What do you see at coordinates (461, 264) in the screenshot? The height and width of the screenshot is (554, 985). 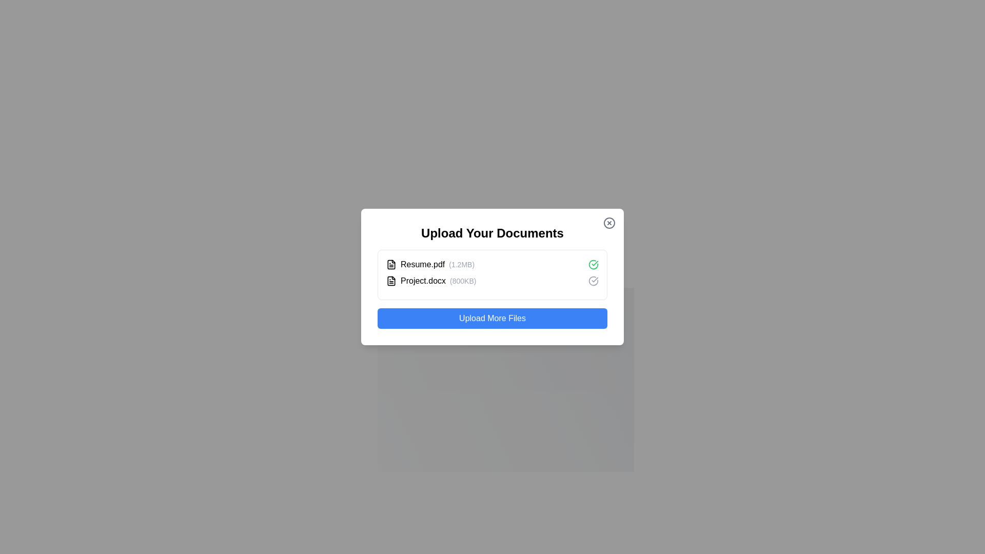 I see `the text label displaying the size of the file 'Resume.pdf' in megabytes, located to the right of the filename in the uploaded files list` at bounding box center [461, 264].